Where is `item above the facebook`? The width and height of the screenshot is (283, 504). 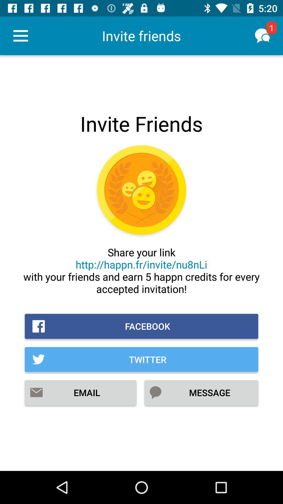 item above the facebook is located at coordinates (141, 270).